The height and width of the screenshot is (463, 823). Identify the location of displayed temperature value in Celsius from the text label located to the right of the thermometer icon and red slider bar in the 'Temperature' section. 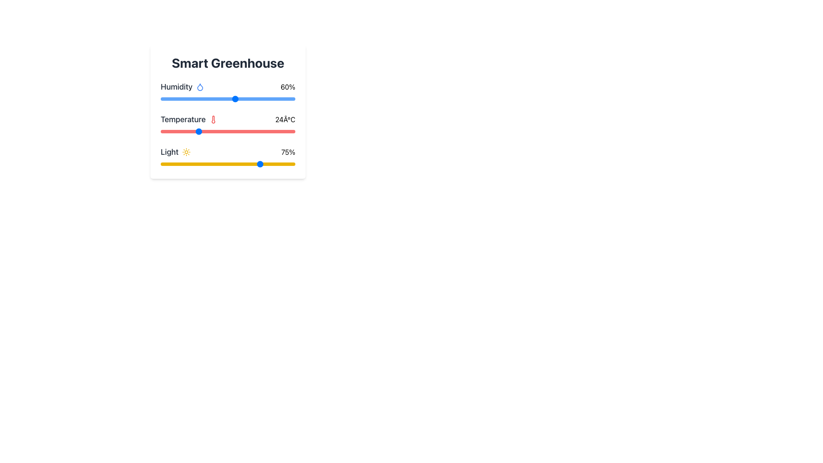
(285, 119).